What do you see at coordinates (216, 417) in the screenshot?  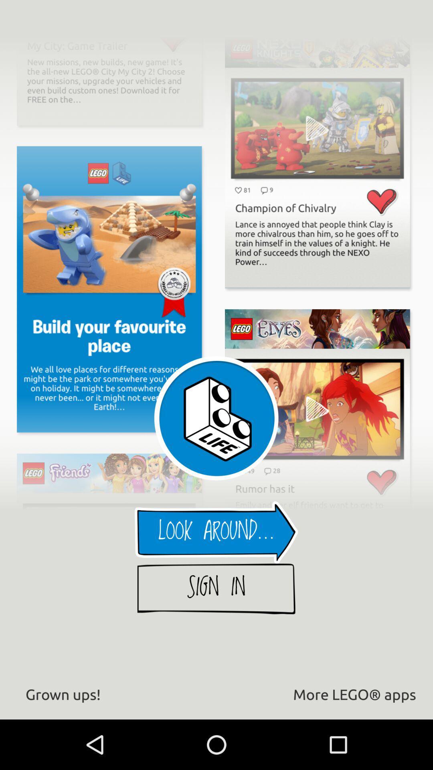 I see `the life image which is above the look around` at bounding box center [216, 417].